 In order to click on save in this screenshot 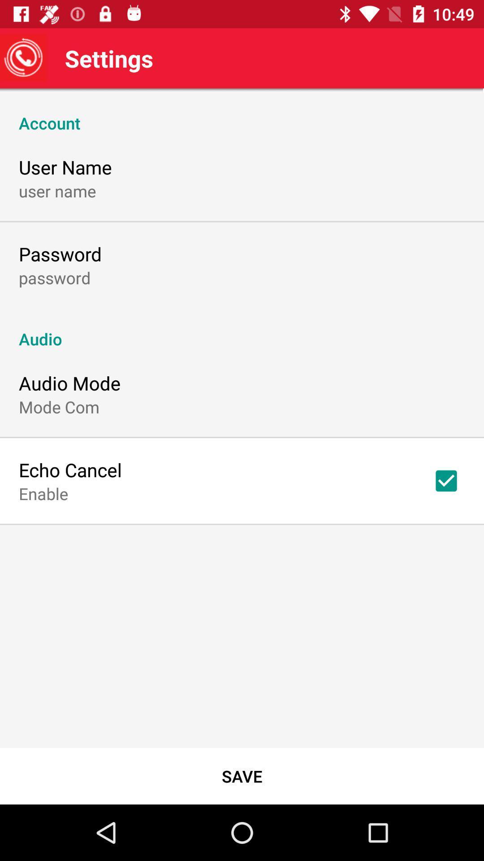, I will do `click(242, 776)`.